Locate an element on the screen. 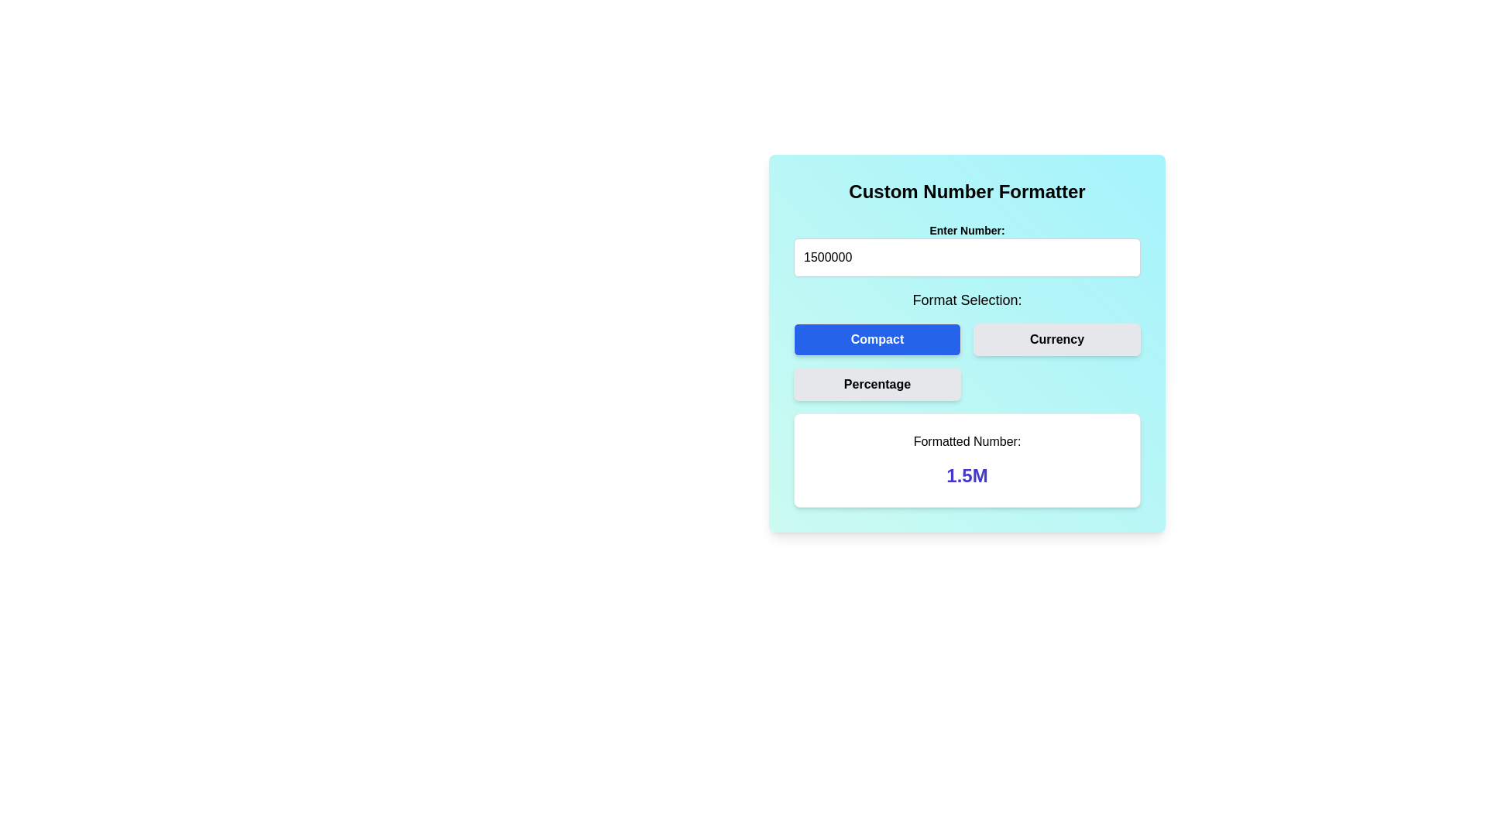  the 'Currency' button located to the right of the 'Compact' button and above the 'Percentage' button is located at coordinates (1056, 339).